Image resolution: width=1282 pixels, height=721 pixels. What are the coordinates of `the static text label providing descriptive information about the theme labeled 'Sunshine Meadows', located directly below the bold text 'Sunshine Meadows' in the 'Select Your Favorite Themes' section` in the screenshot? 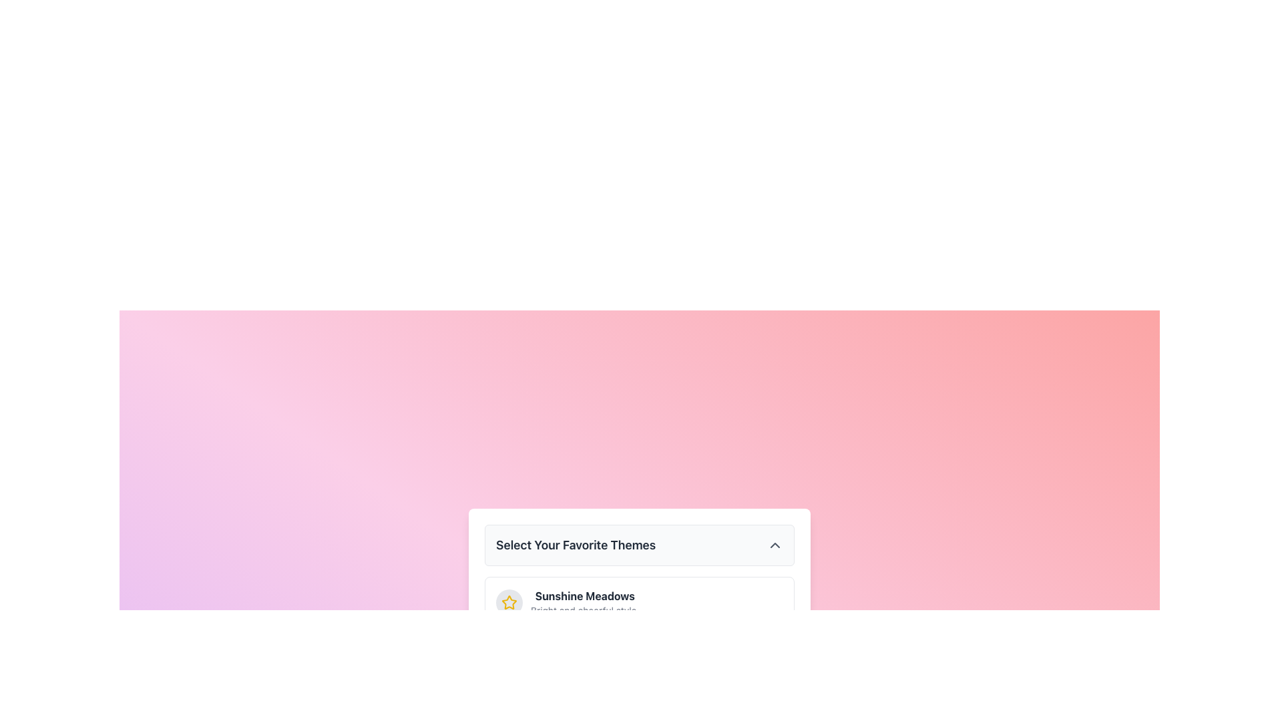 It's located at (585, 610).